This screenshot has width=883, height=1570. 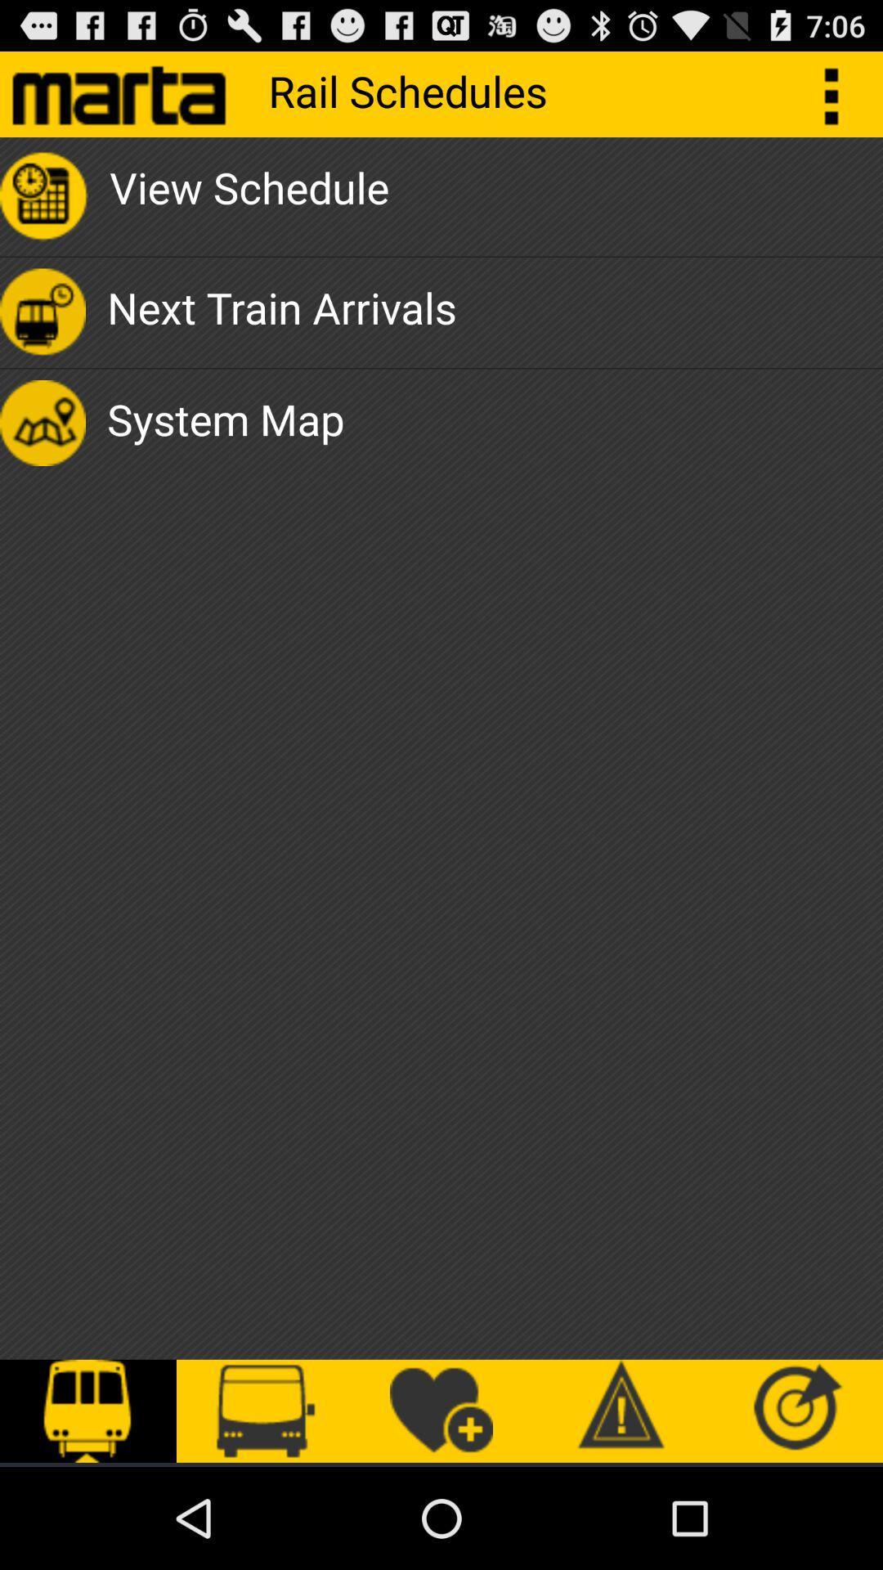 What do you see at coordinates (280, 312) in the screenshot?
I see `the icon below the view schedule` at bounding box center [280, 312].